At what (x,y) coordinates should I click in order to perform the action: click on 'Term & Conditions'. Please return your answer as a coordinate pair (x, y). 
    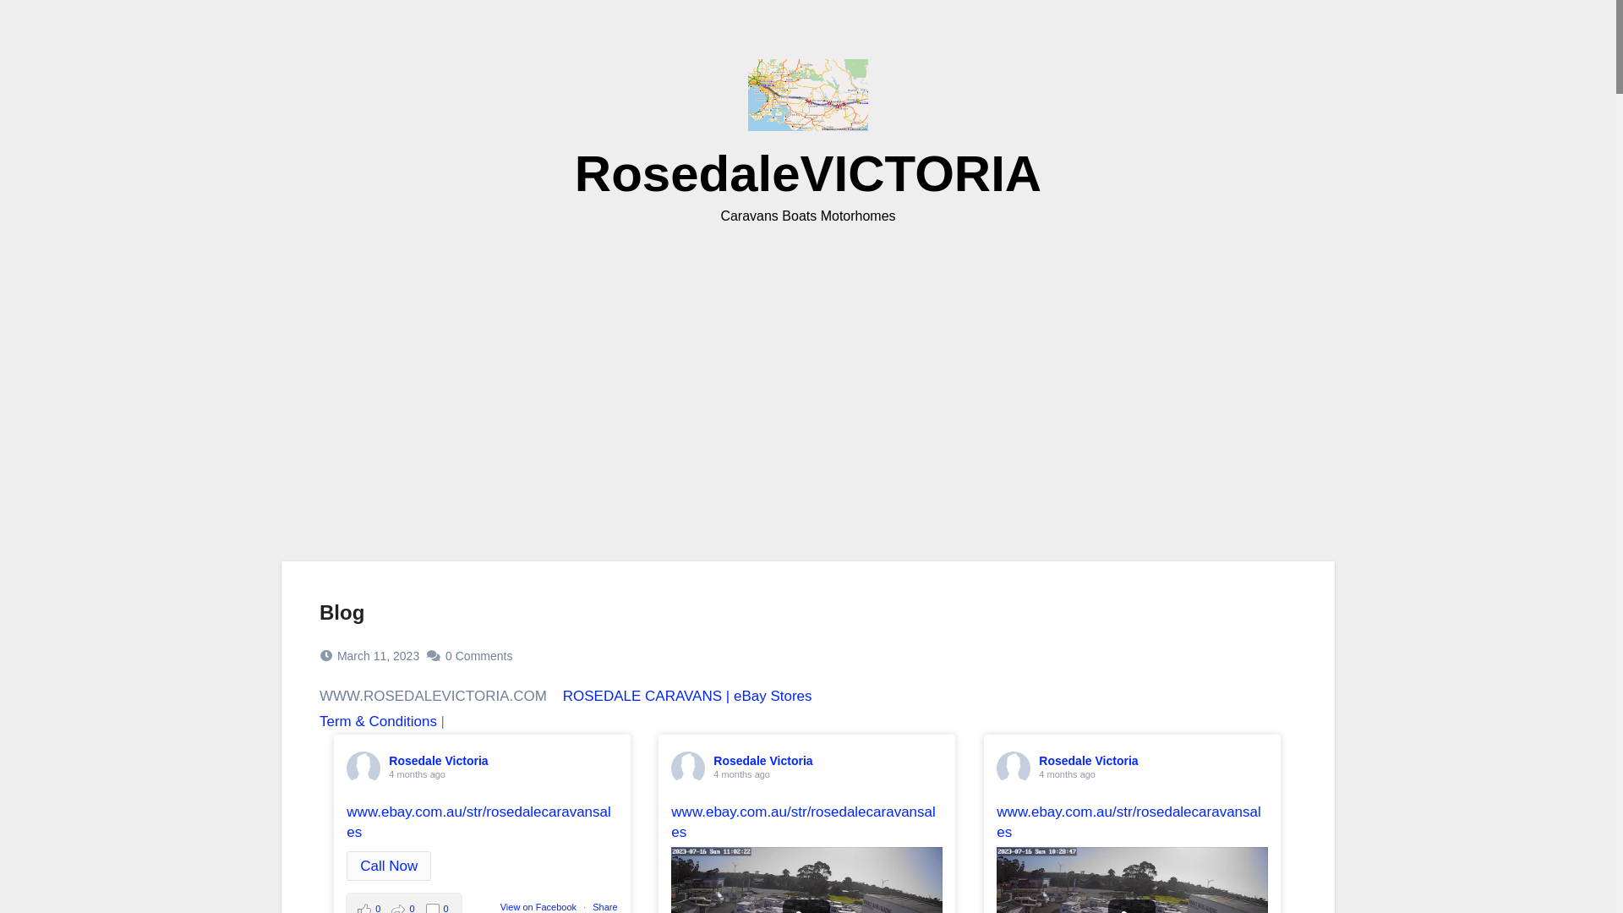
    Looking at the image, I should click on (377, 721).